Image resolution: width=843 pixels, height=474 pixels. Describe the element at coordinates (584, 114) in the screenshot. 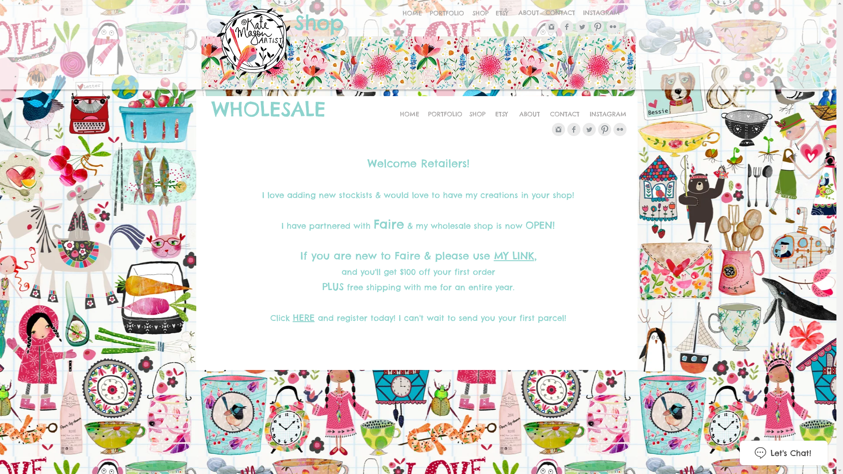

I see `'INSTAGRAM'` at that location.